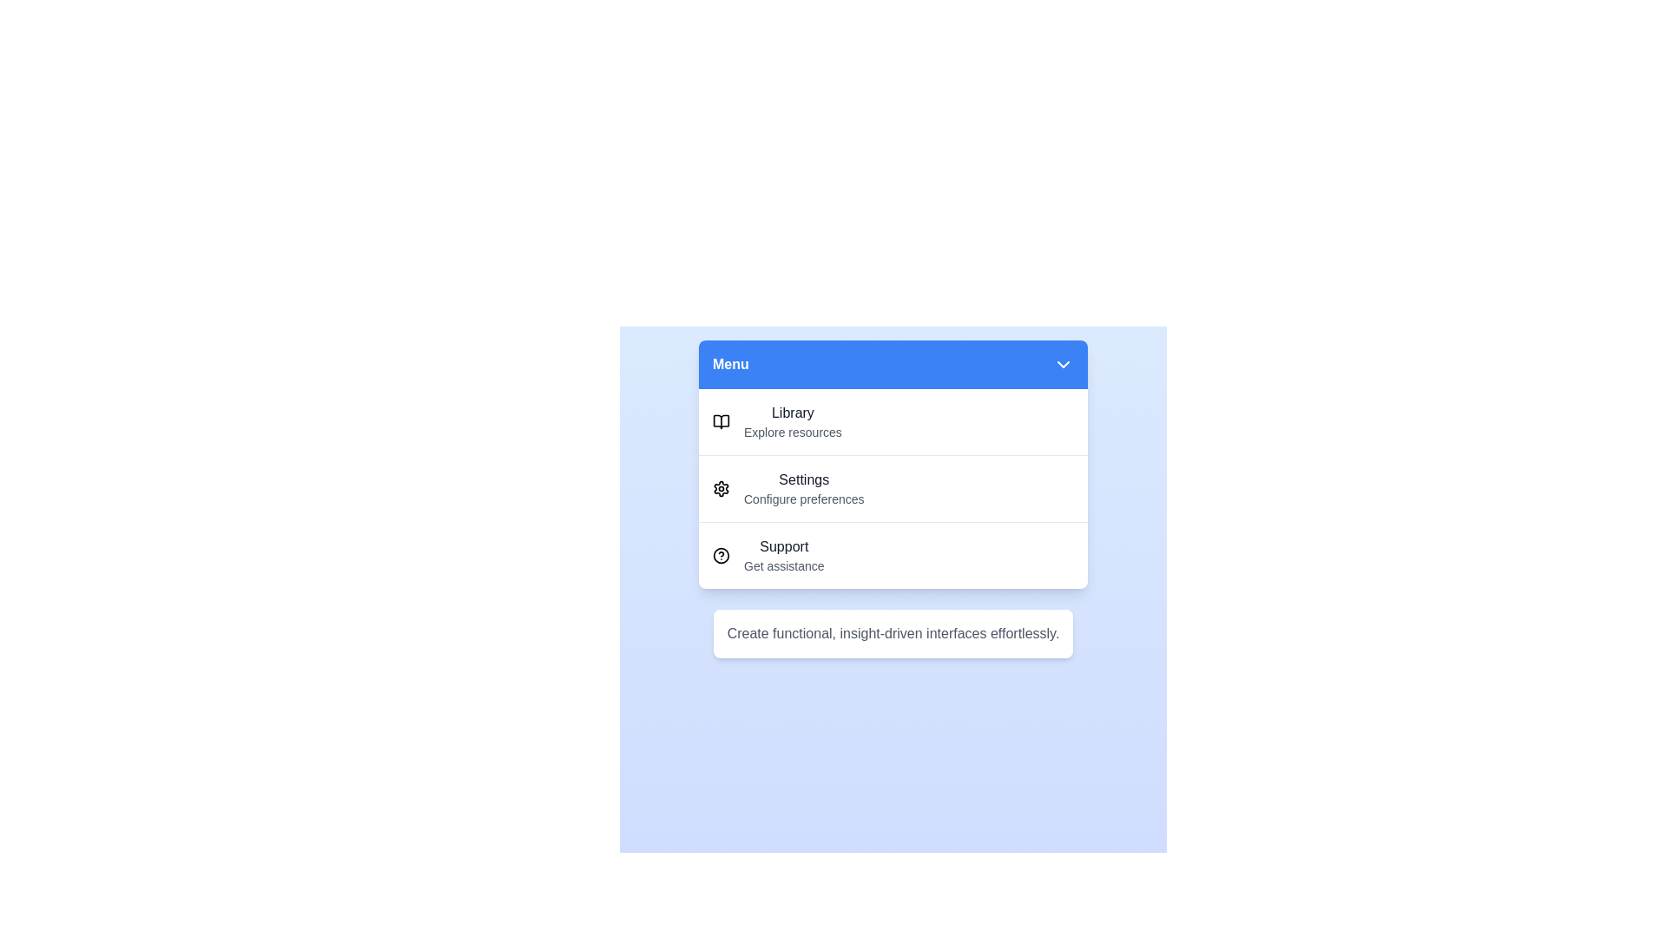 The image size is (1667, 938). Describe the element at coordinates (893, 633) in the screenshot. I see `the informational text below the menu` at that location.